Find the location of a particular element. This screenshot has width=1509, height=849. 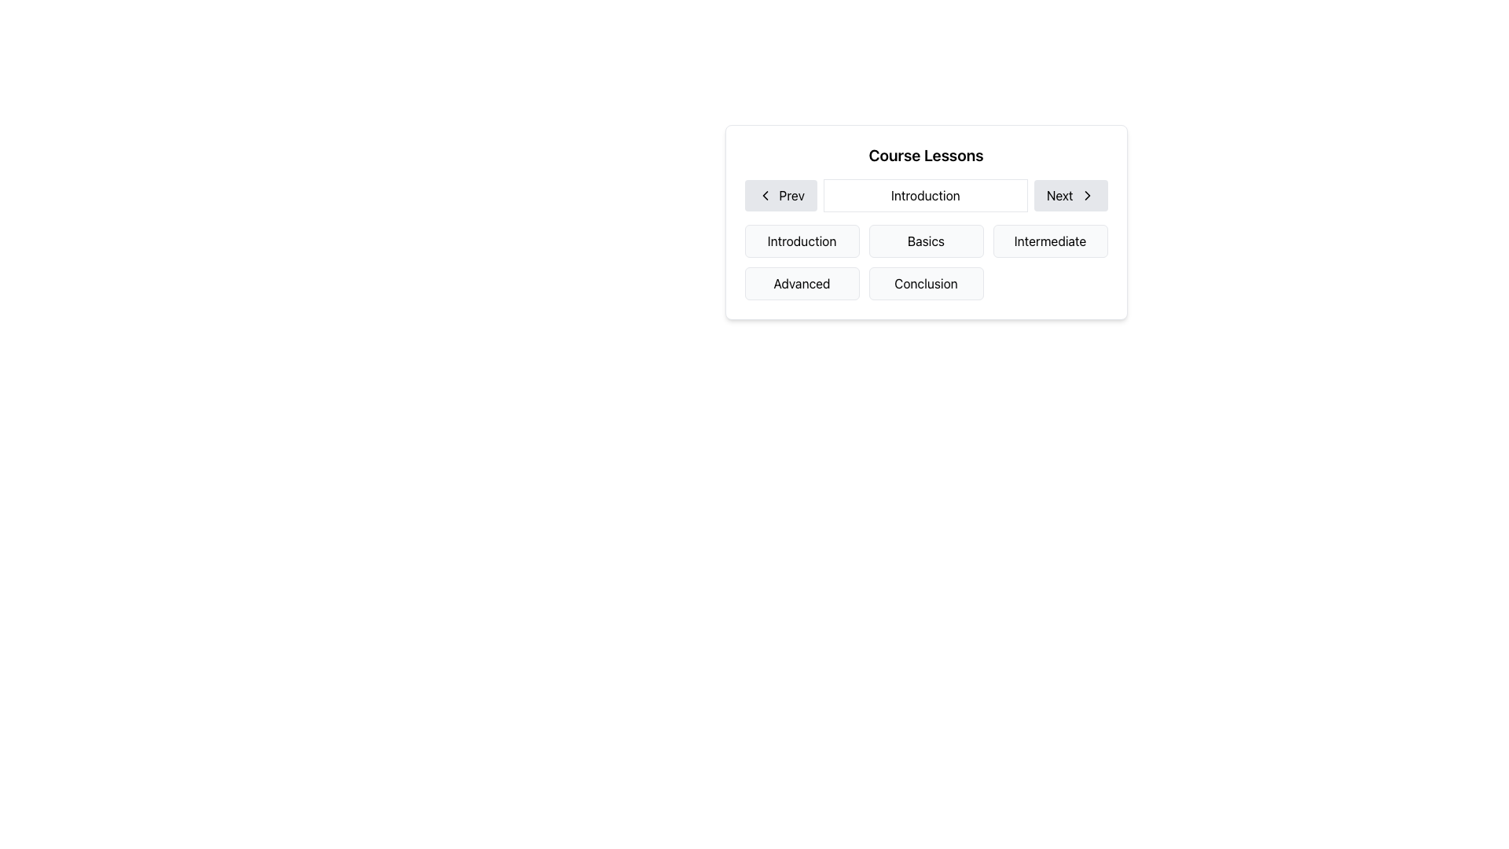

the text label that is part of the 'Next' button, located near the top-right corner of the 'Course Lessons' content box is located at coordinates (1059, 195).